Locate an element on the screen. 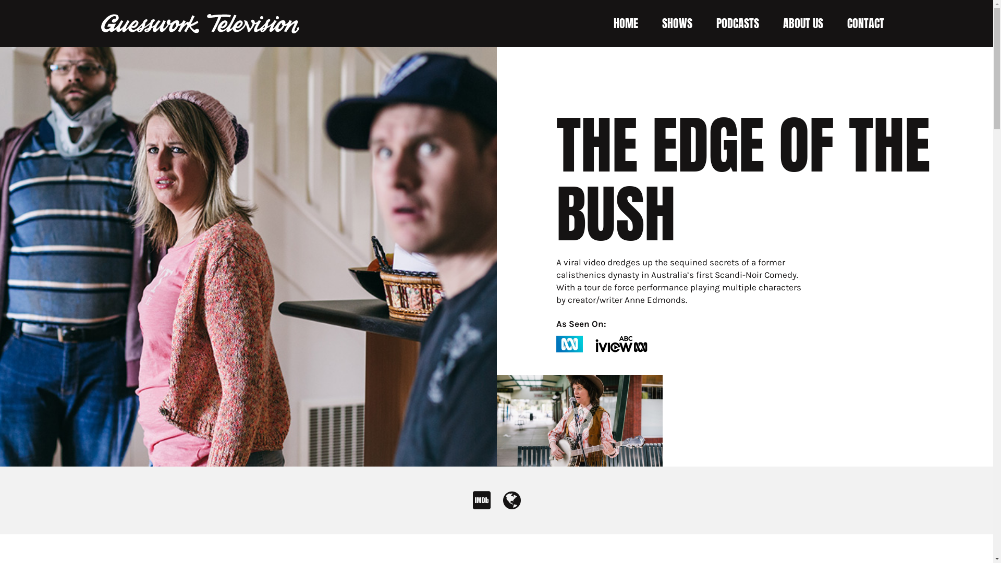  'ABOUT US' is located at coordinates (802, 23).